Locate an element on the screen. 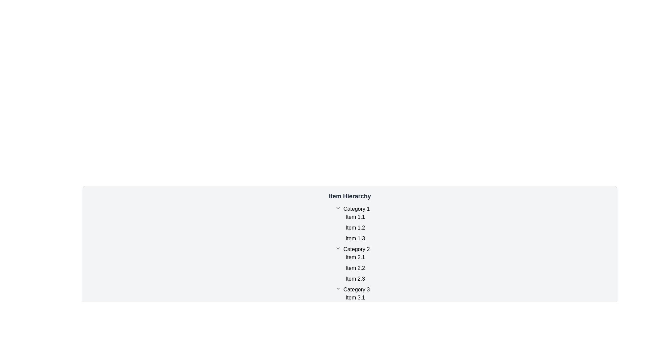 This screenshot has height=363, width=646. the text label displaying 'Item 2.2' located under 'Category 2', which is visually separated from other items and centered horizontally in the interface is located at coordinates (355, 268).